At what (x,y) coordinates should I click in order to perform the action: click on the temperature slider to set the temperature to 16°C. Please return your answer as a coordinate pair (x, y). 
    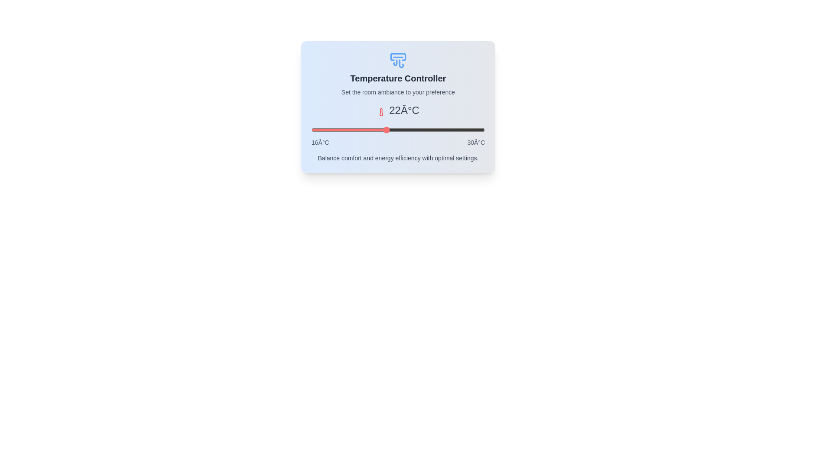
    Looking at the image, I should click on (312, 130).